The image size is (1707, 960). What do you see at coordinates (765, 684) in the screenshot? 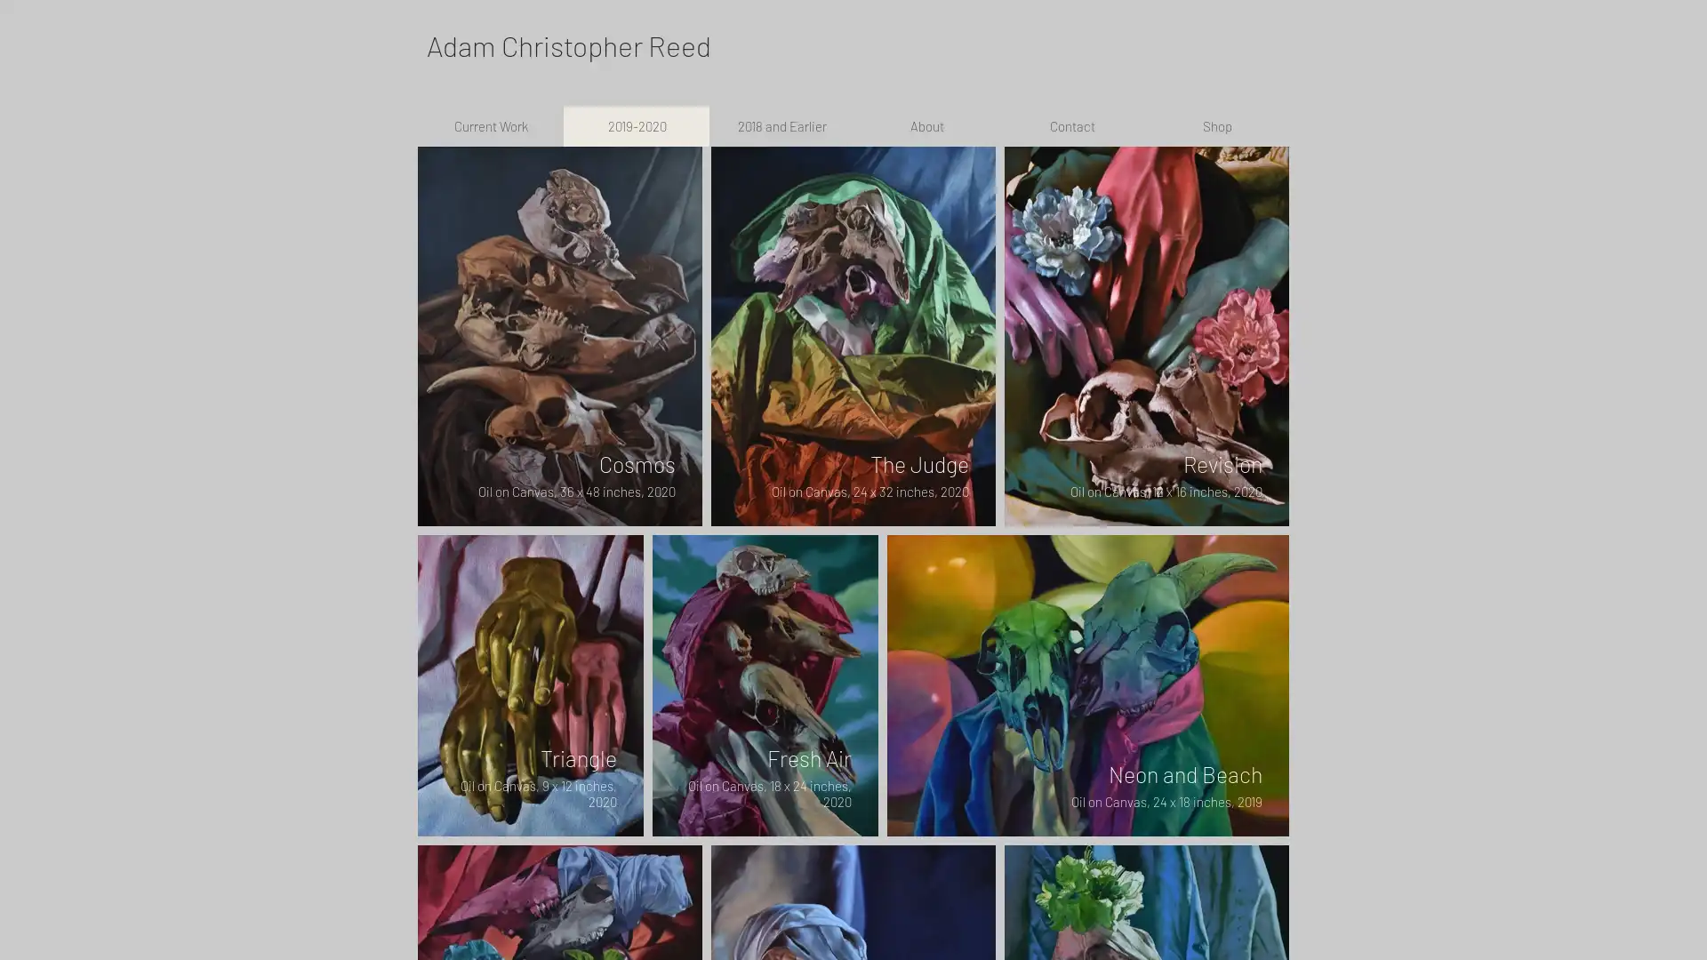
I see `Fresh Air` at bounding box center [765, 684].